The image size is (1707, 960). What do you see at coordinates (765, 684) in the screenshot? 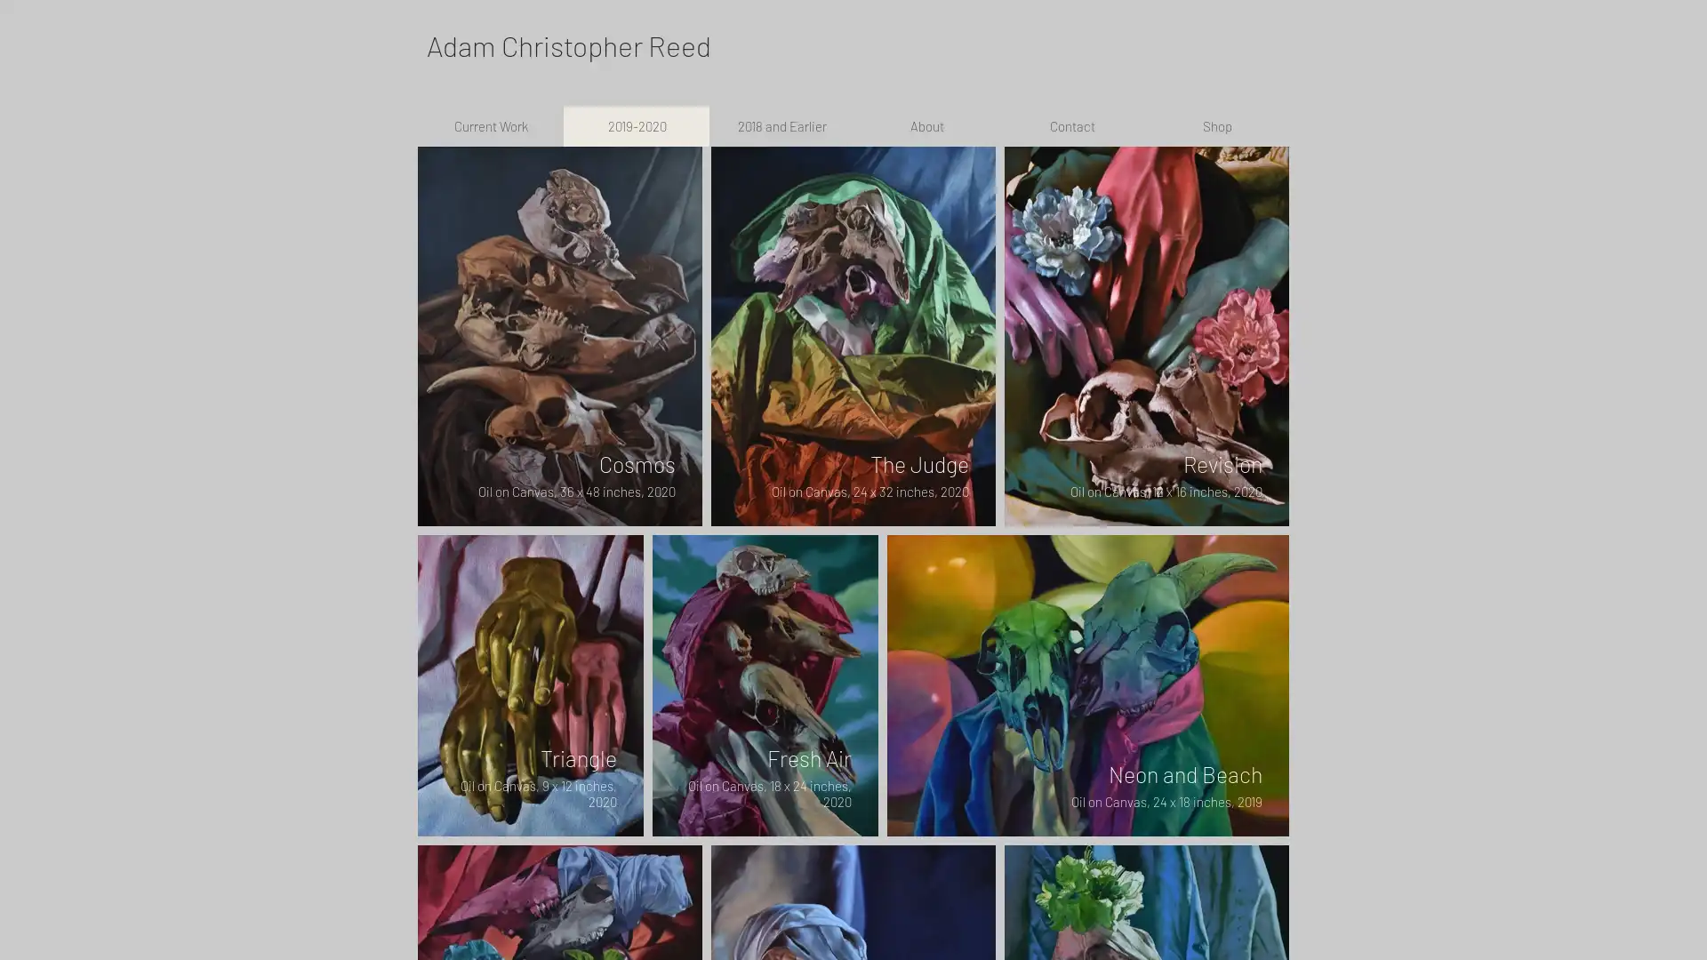
I see `Fresh Air` at bounding box center [765, 684].